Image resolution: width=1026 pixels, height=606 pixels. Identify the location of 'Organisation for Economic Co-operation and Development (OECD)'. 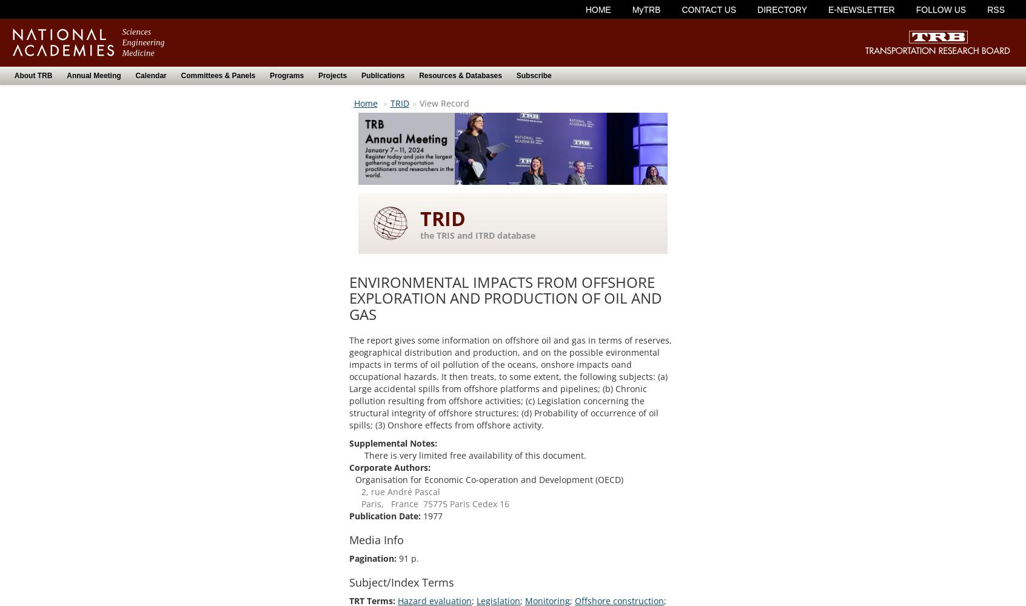
(489, 479).